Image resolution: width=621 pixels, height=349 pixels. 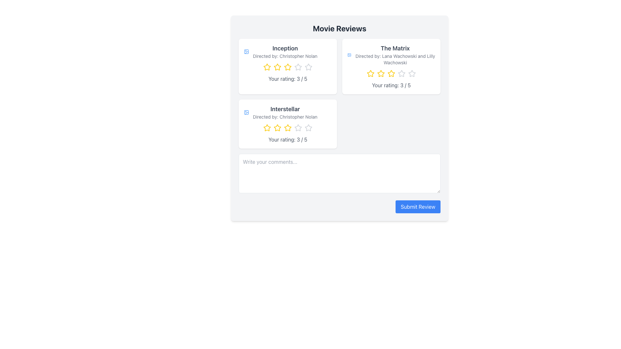 What do you see at coordinates (349, 54) in the screenshot?
I see `the rectangle element within the SVG icon that indicates media content, located in the top-left corner of the card labeled 'The Matrix'` at bounding box center [349, 54].